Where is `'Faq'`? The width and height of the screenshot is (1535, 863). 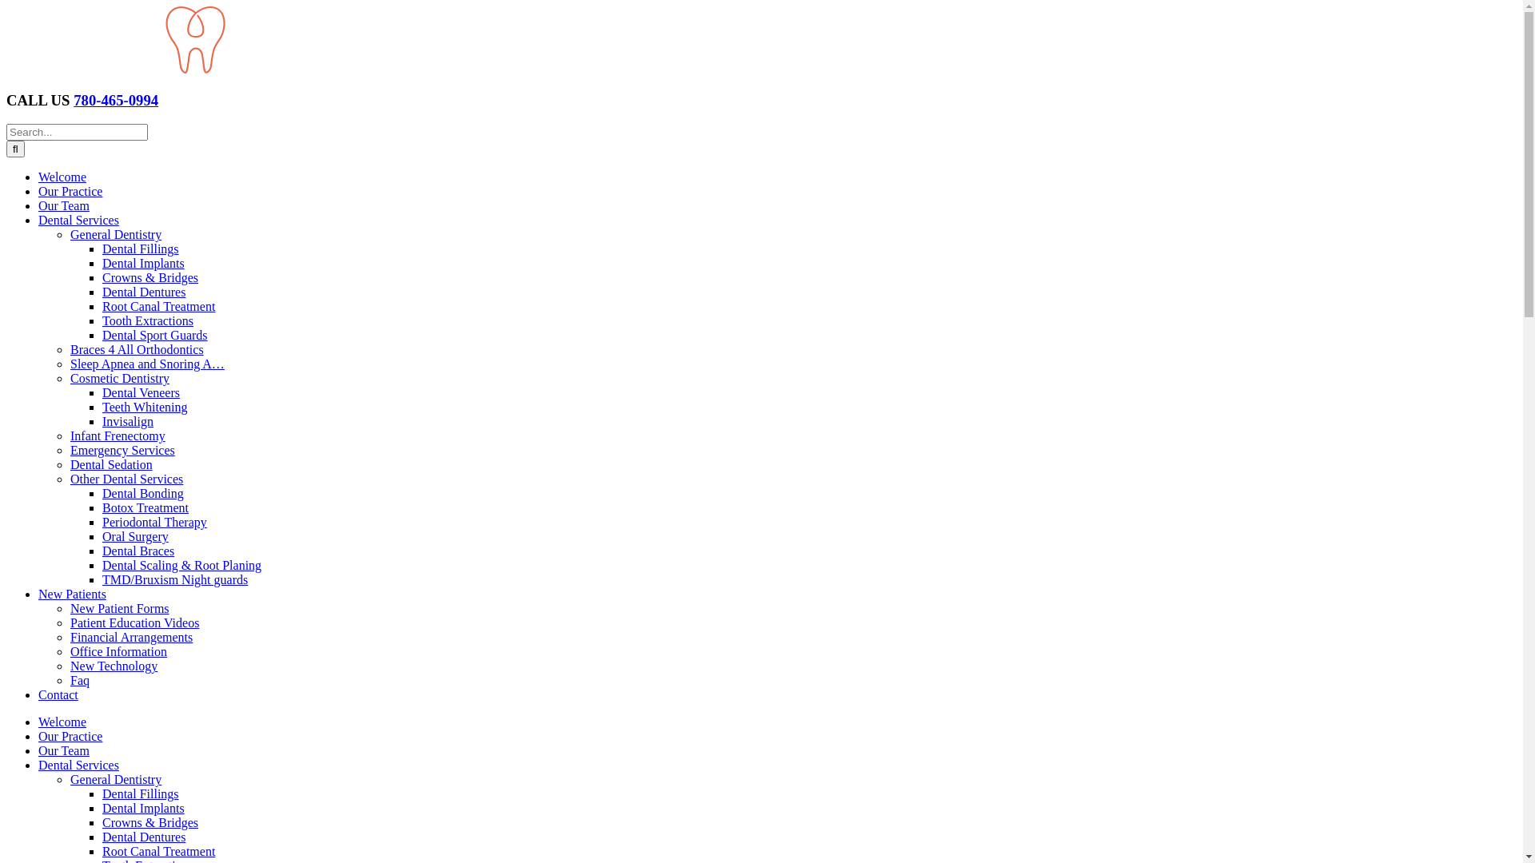 'Faq' is located at coordinates (79, 680).